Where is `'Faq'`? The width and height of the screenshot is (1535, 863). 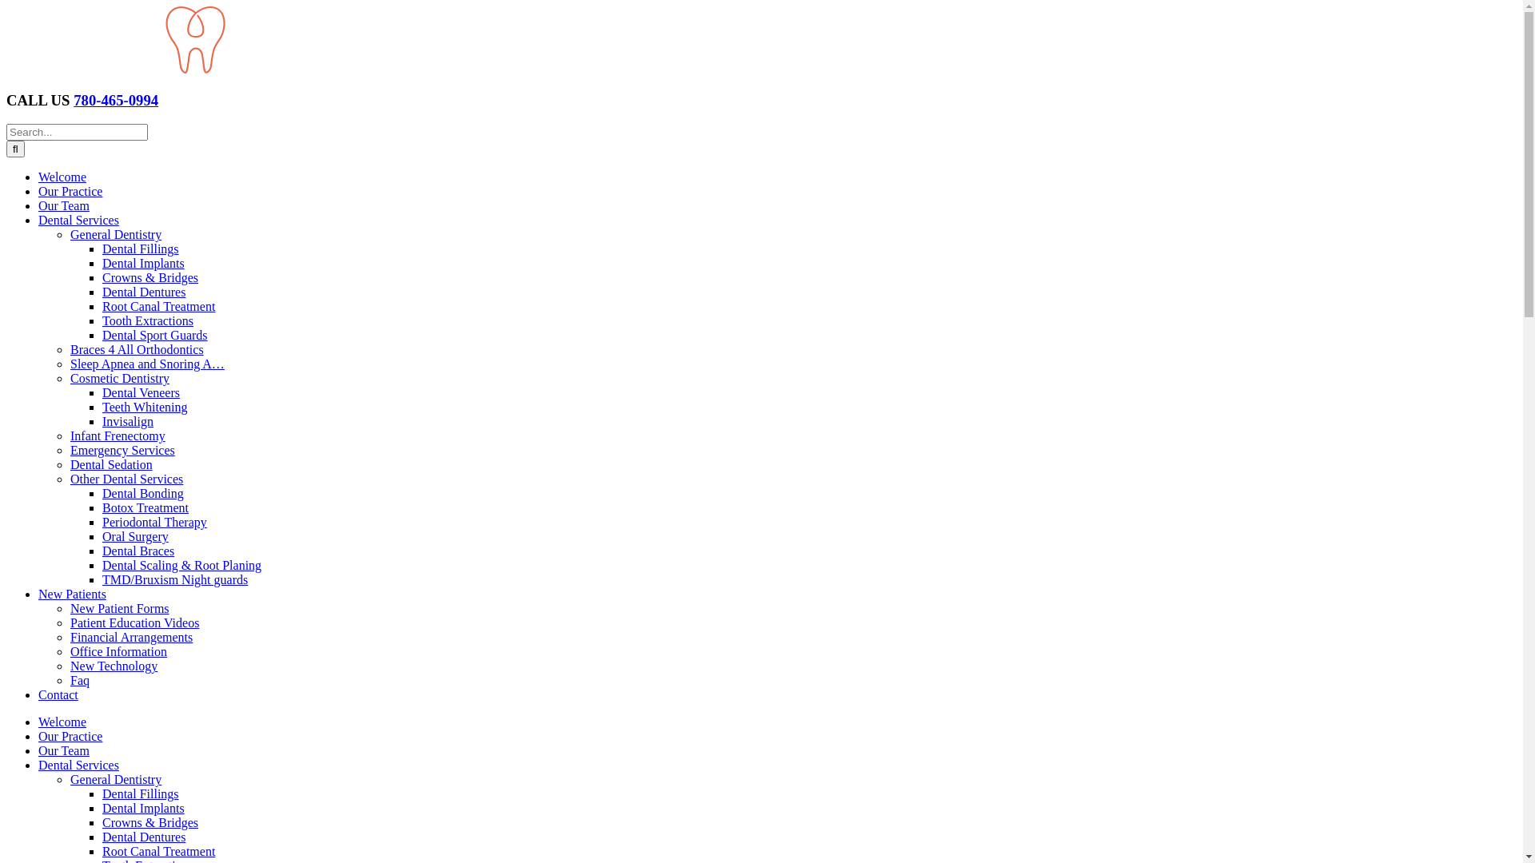 'Faq' is located at coordinates (79, 680).